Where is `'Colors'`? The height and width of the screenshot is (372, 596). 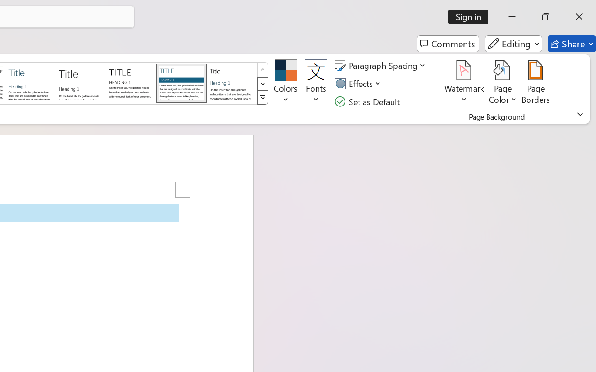
'Colors' is located at coordinates (285, 83).